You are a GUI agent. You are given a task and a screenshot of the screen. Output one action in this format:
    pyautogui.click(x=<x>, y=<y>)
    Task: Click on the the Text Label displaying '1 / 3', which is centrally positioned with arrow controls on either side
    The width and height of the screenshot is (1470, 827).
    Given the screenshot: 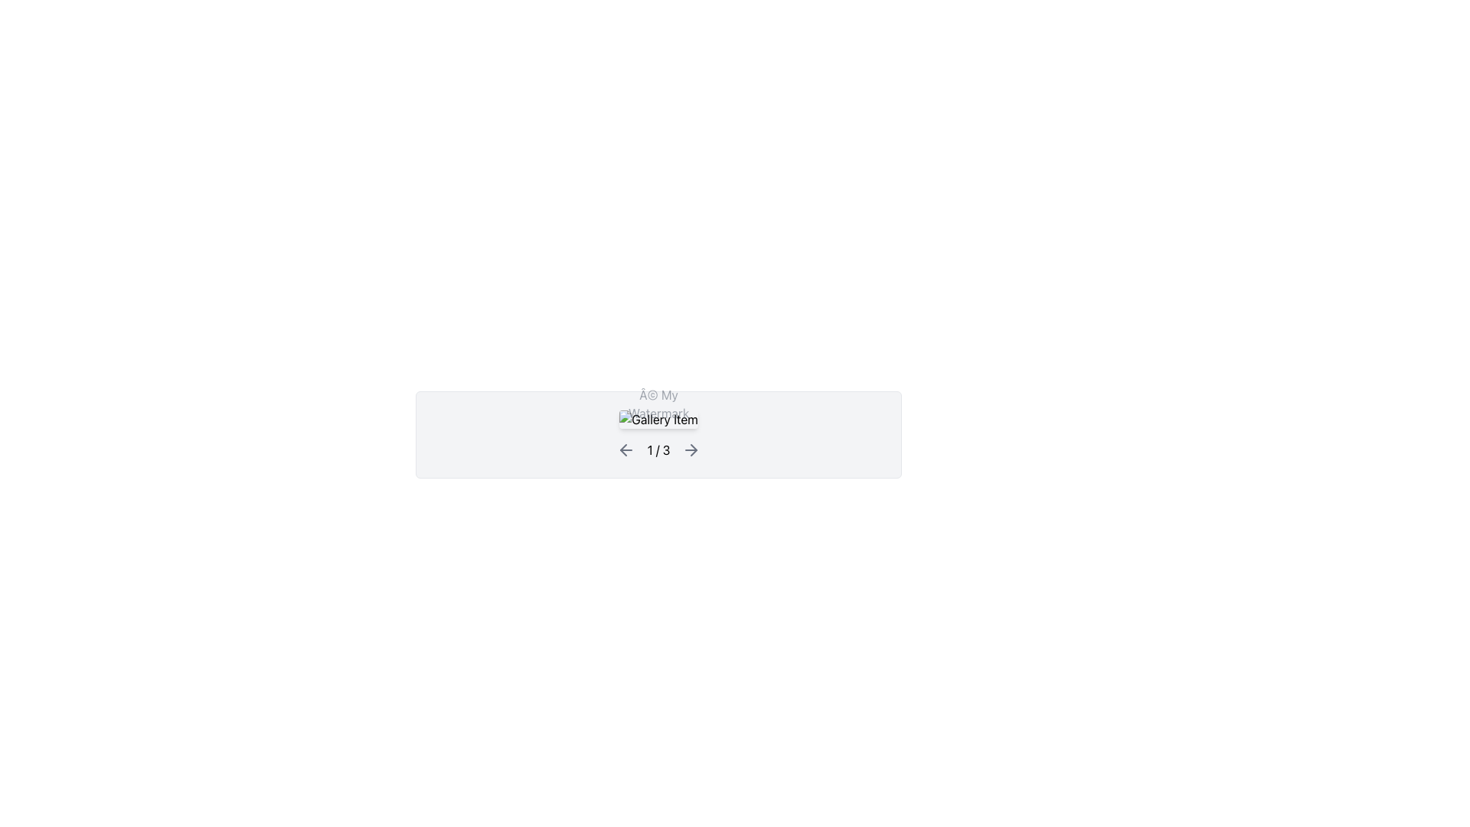 What is the action you would take?
    pyautogui.click(x=658, y=449)
    